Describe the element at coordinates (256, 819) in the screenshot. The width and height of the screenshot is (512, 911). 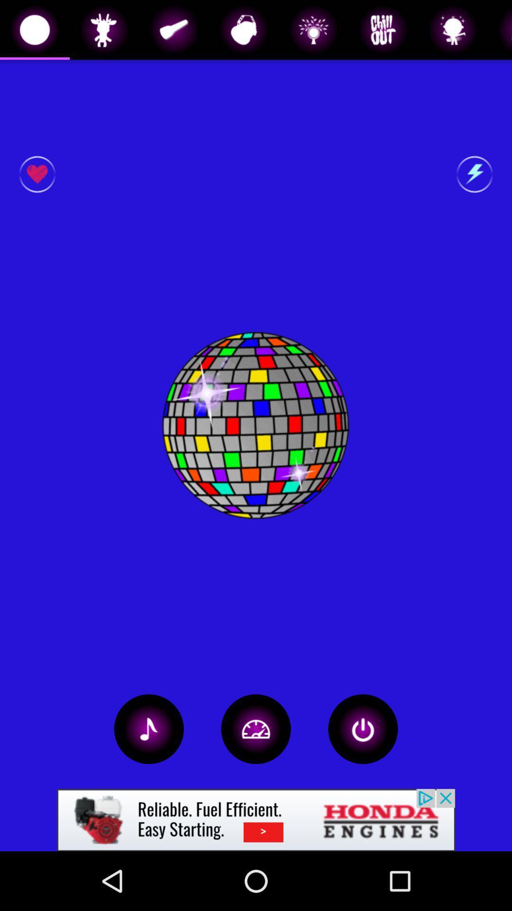
I see `advertisement banner` at that location.